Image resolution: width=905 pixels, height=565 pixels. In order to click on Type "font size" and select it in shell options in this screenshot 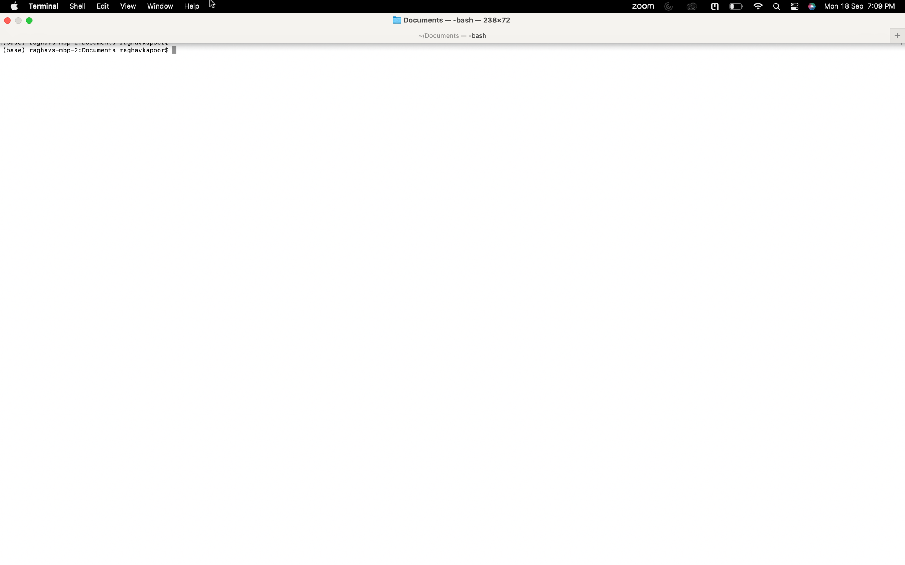, I will do `click(77, 6)`.